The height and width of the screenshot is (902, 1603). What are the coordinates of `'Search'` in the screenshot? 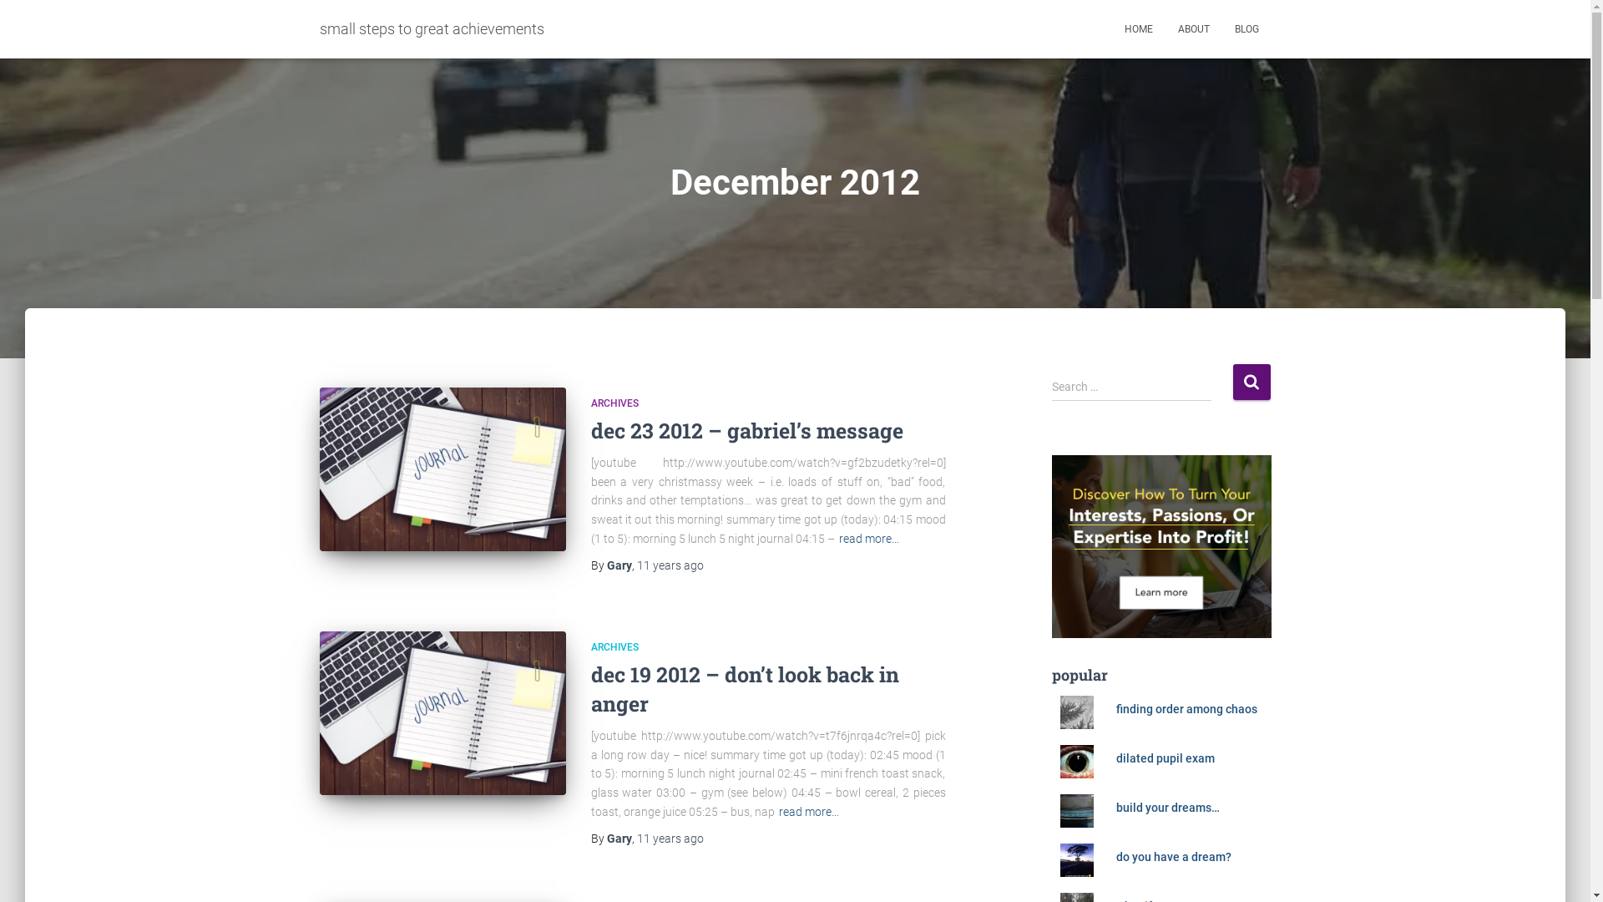 It's located at (1251, 382).